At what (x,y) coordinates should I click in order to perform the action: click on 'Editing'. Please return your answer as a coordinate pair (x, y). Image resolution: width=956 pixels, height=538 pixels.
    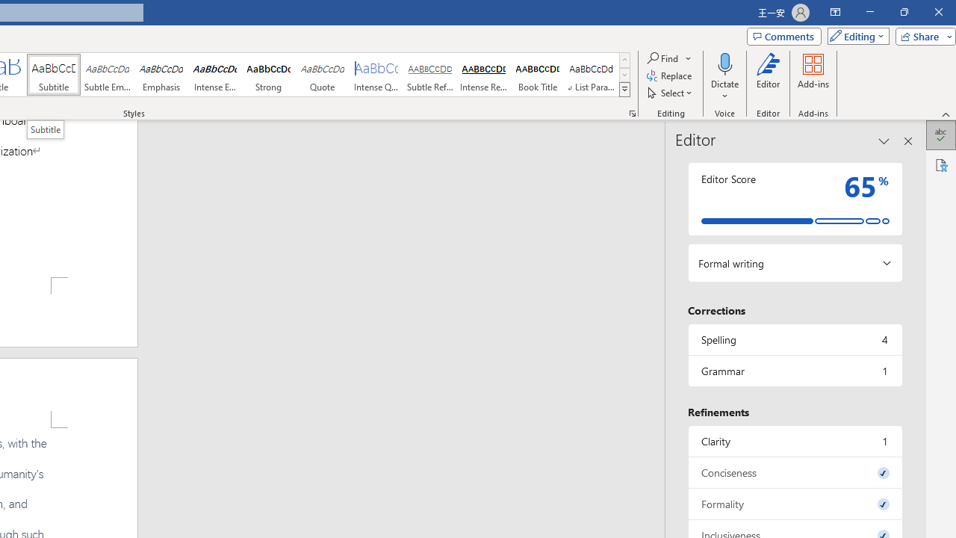
    Looking at the image, I should click on (854, 35).